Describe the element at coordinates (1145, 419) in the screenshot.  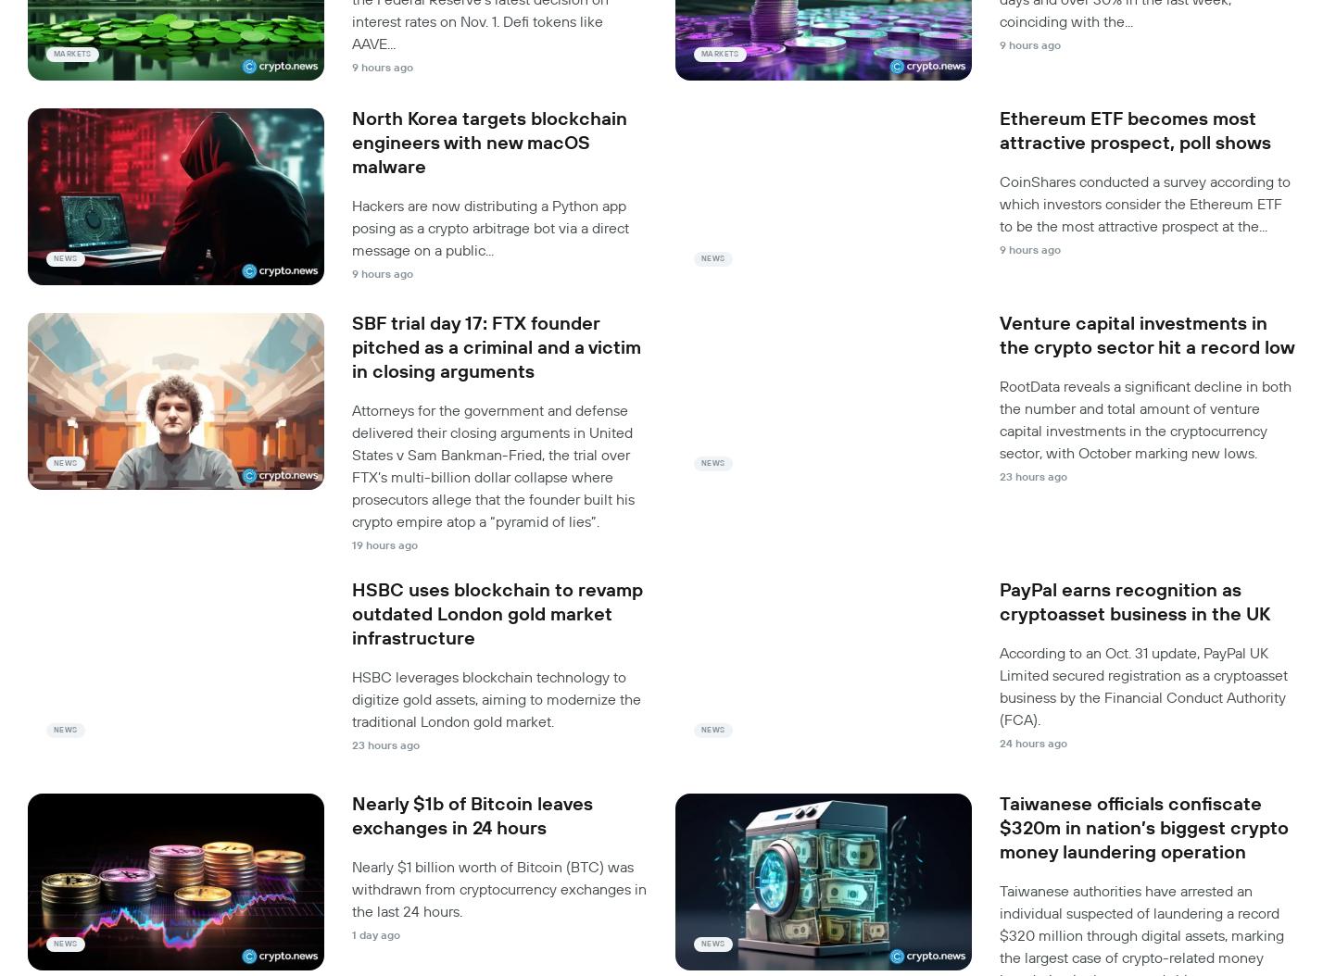
I see `'RootData reveals a significant decline in both the number and total amount of venture capital investments in the cryptocurrency sector, with October marking new lows.'` at that location.